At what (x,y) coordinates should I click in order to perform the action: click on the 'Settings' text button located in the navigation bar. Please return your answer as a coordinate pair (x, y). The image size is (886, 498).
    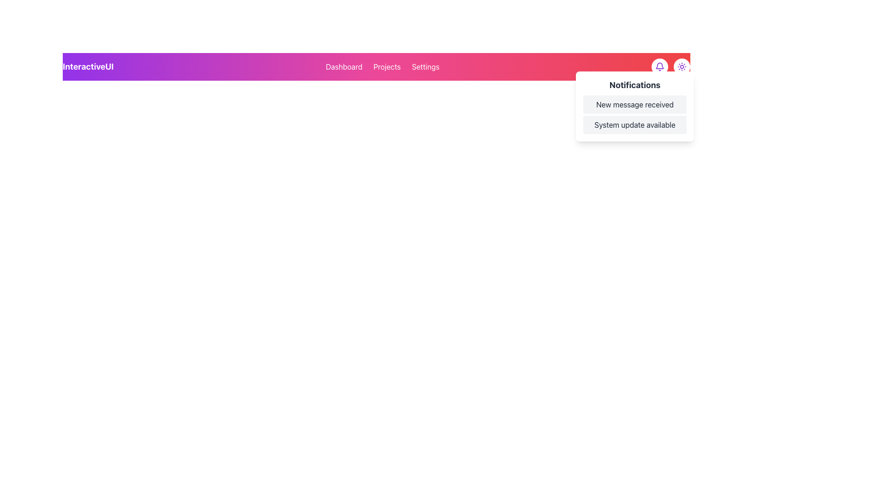
    Looking at the image, I should click on (425, 66).